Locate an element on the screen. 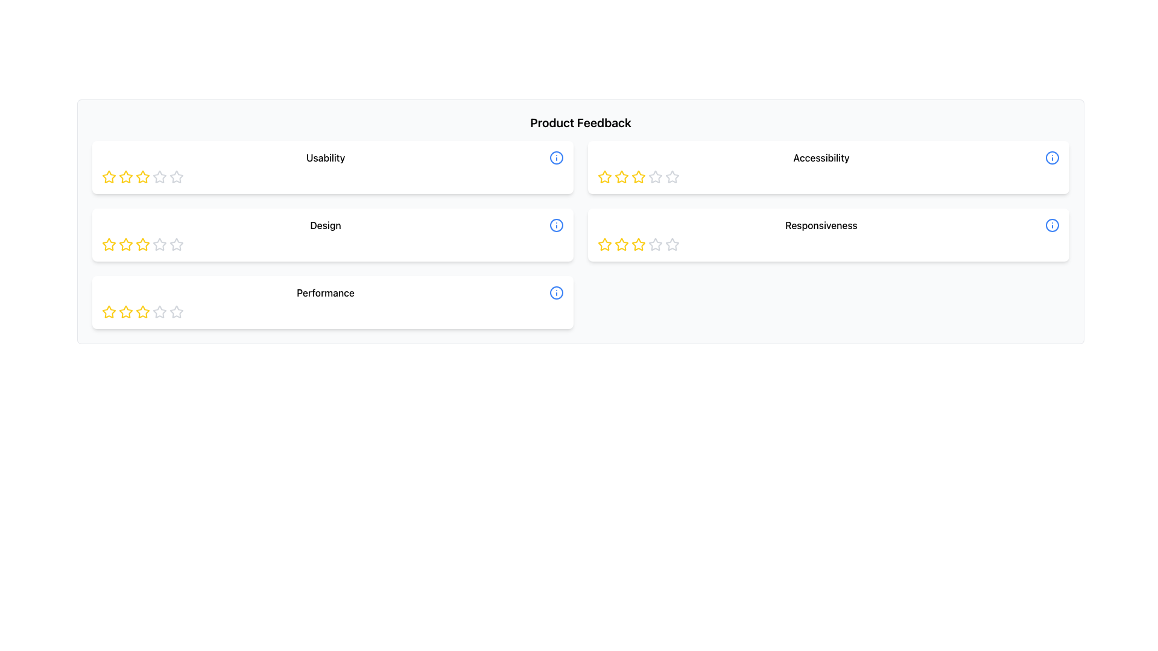 The height and width of the screenshot is (651, 1158). the second star-shaped rating icon with a bright yellow outline in the 'Usability' section of the 'Product Feedback' interface is located at coordinates (126, 177).